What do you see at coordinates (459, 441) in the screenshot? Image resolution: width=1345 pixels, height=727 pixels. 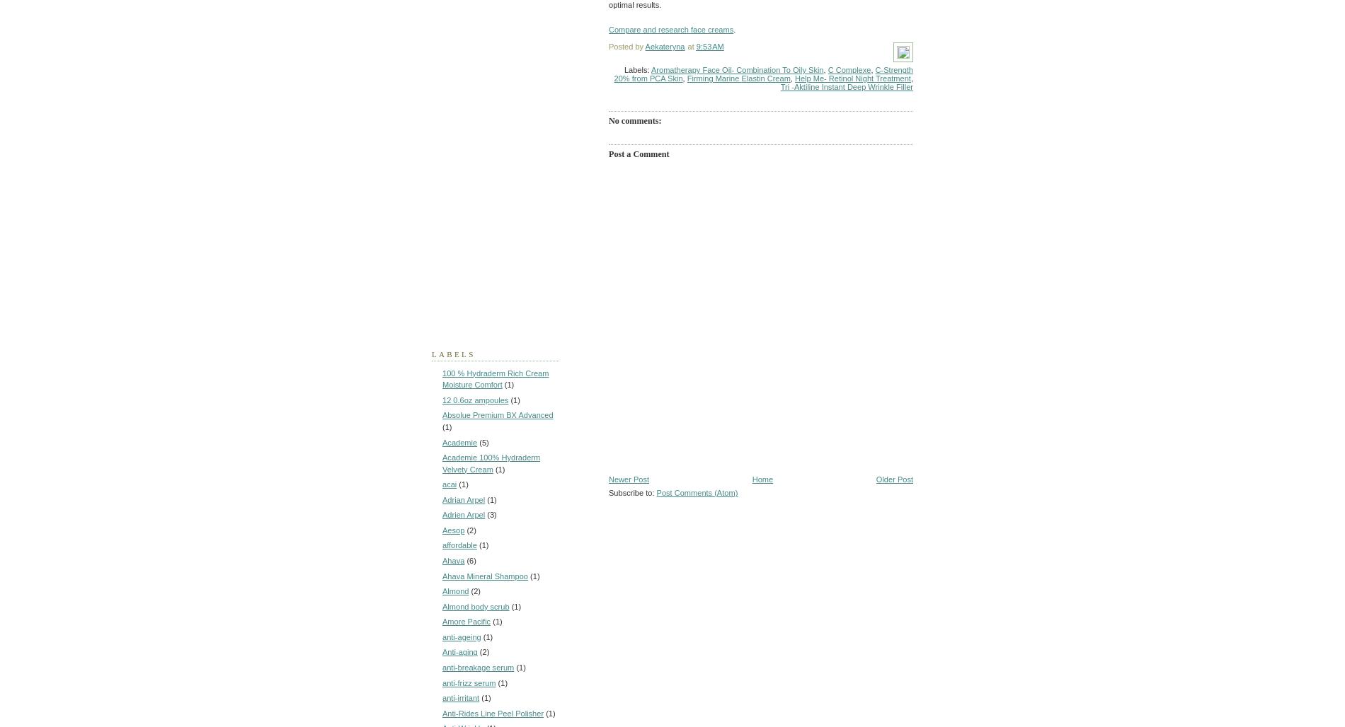 I see `'Academie'` at bounding box center [459, 441].